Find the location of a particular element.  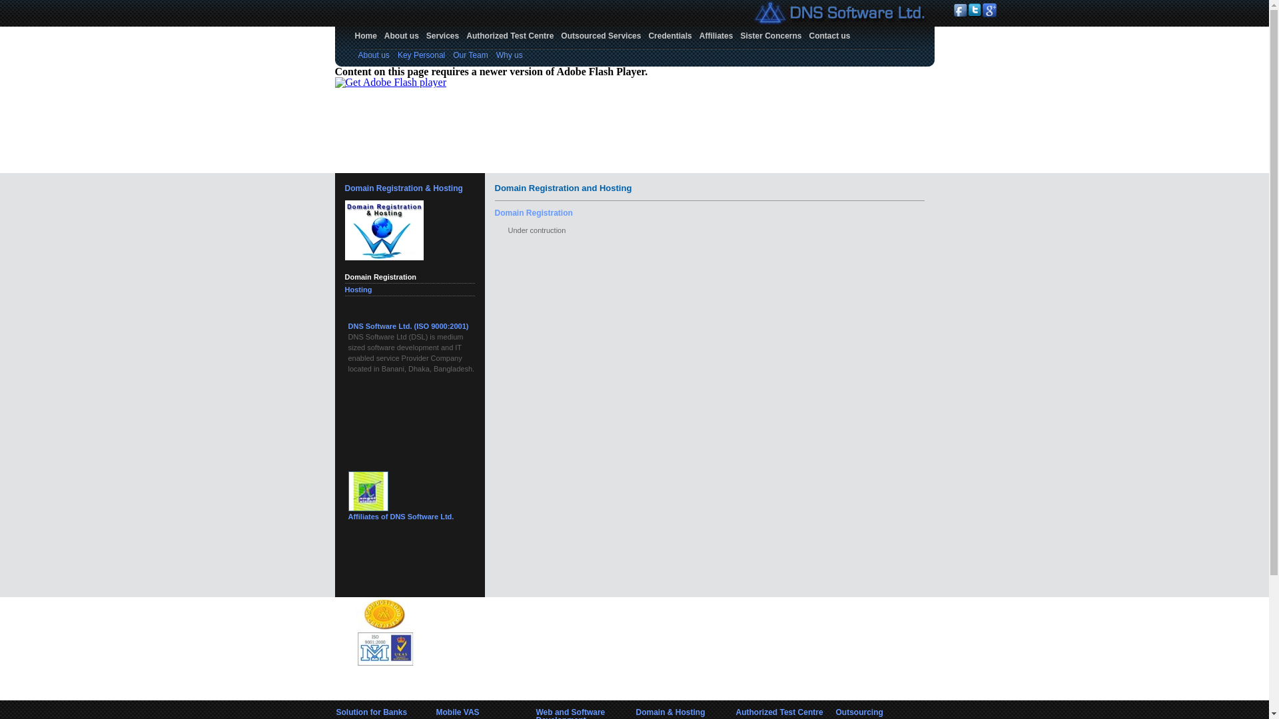

'Credentials' is located at coordinates (669, 35).